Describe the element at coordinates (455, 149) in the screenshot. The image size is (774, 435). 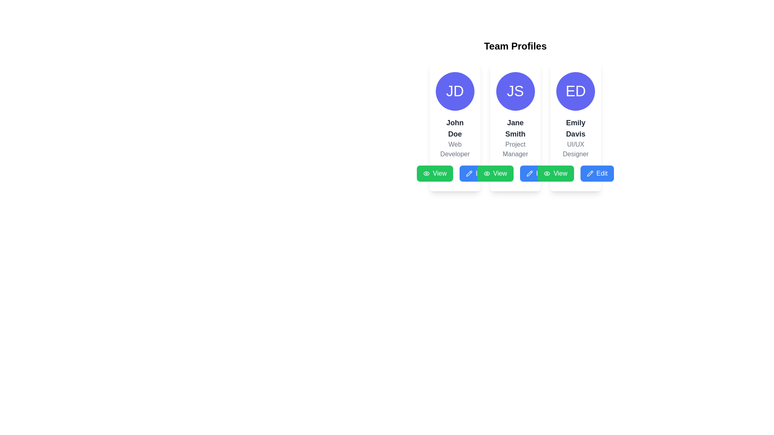
I see `the text label displaying 'Web Developer', which is positioned below 'John Doe' and above the action buttons in the user information card` at that location.